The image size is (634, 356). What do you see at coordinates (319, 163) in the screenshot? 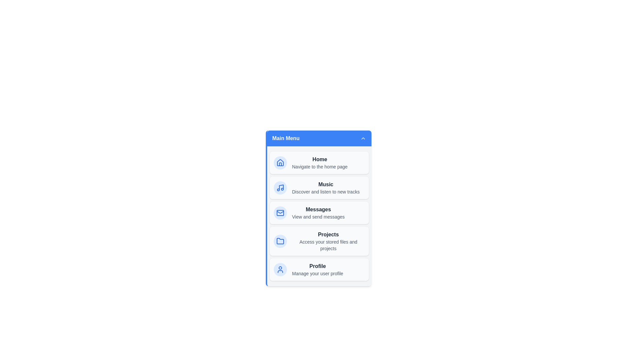
I see `the menu item Home to navigate to its respective section` at bounding box center [319, 163].